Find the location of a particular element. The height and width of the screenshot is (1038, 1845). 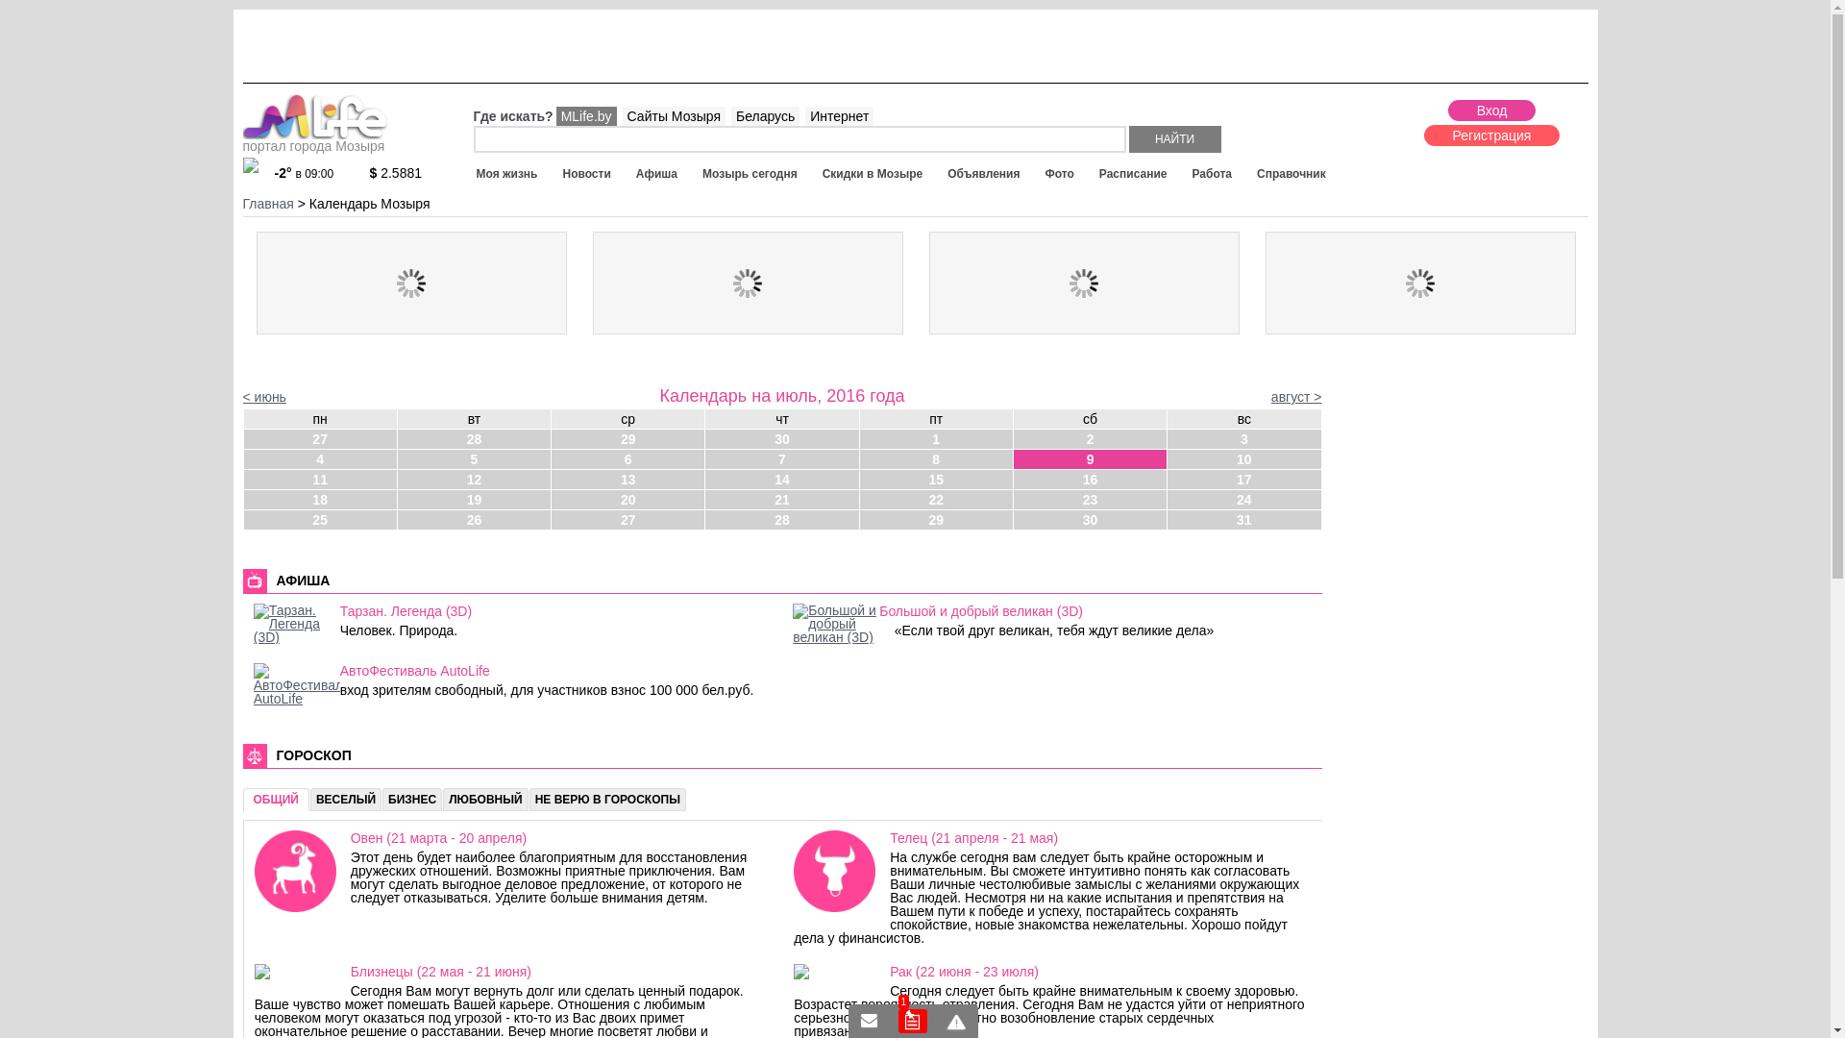

'3' is located at coordinates (1166, 438).